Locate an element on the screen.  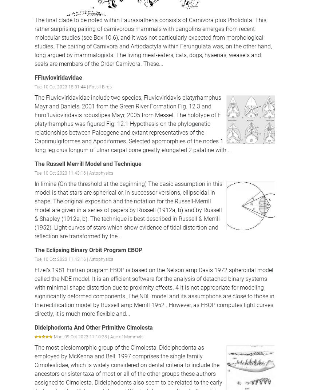
'The final clade to be noted within Laurasiatheria consists of Carnivora plus Pholidota. This rather surprising pairing of carnivorous mammals with pangolins emerges from recent molecular studies (see Box 10.6), and it was not particularly expected from morphological studies. The pairing of Carnivora and Artiodactyla within Ferungulata was, on the other hand, long argued by mammalogists. The living meat-eaters, cats, dogs, hyaenas, weasels and seals are members of the Order Carnivora. These...' is located at coordinates (153, 41).